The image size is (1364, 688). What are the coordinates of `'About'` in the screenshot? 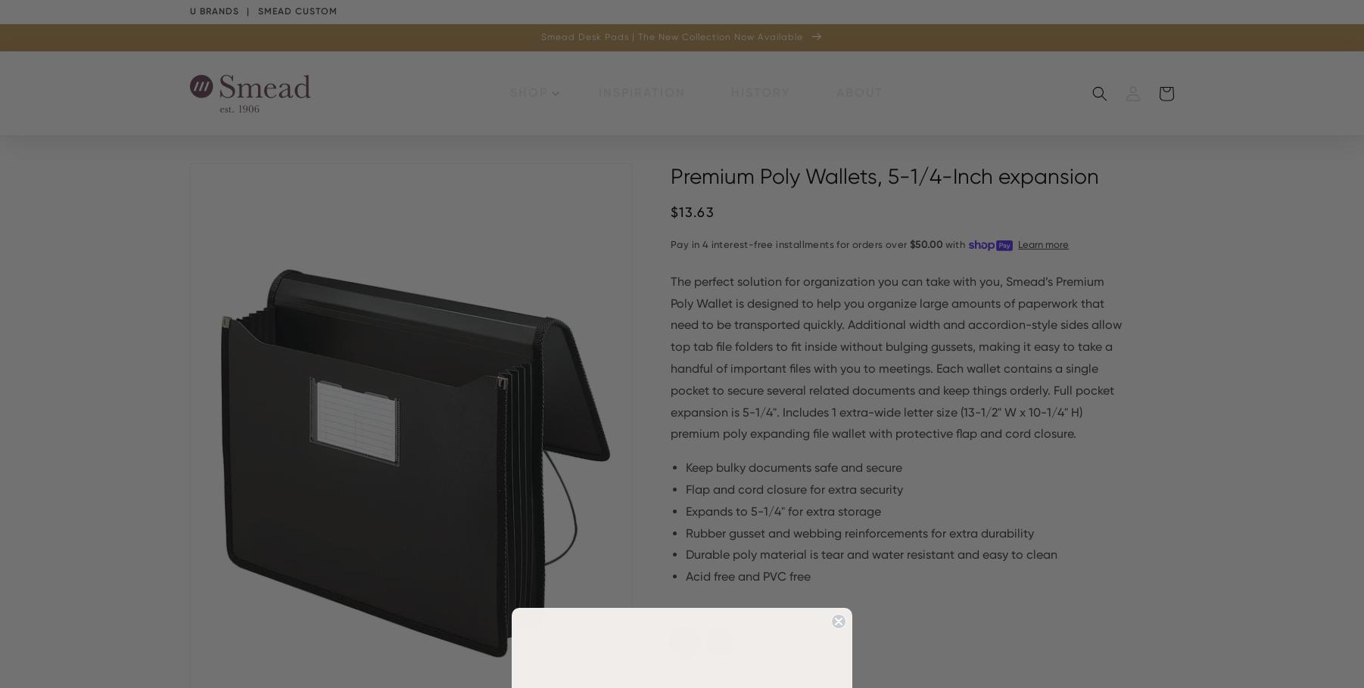 It's located at (835, 92).